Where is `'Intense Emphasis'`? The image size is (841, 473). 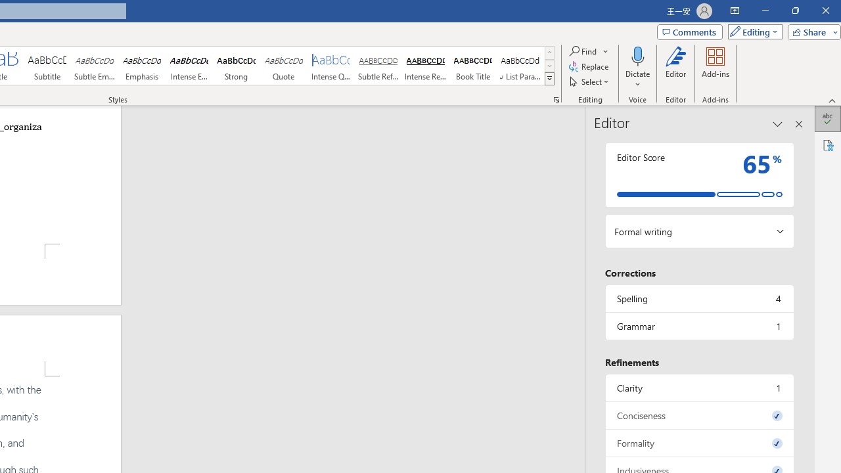 'Intense Emphasis' is located at coordinates (189, 66).